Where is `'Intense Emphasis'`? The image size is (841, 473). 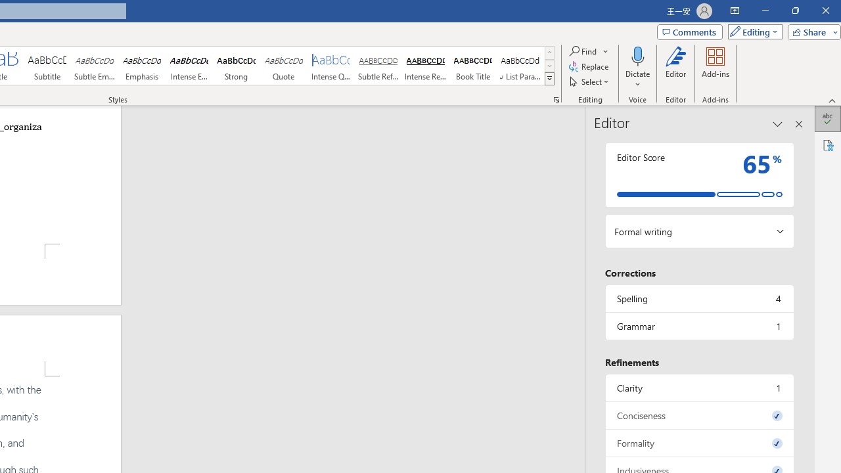 'Intense Emphasis' is located at coordinates (189, 66).